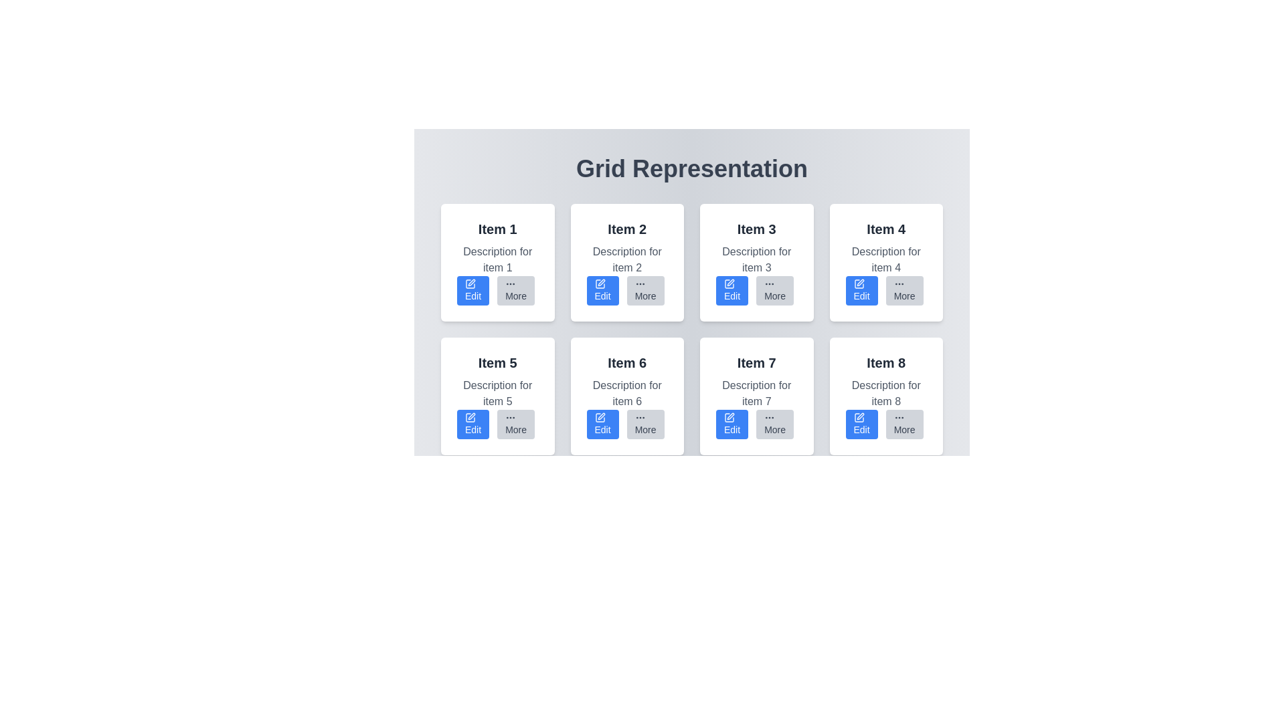 Image resolution: width=1285 pixels, height=722 pixels. Describe the element at coordinates (859, 416) in the screenshot. I see `the 'Edit' icon located in the last card (Item 8) in the grid representation` at that location.